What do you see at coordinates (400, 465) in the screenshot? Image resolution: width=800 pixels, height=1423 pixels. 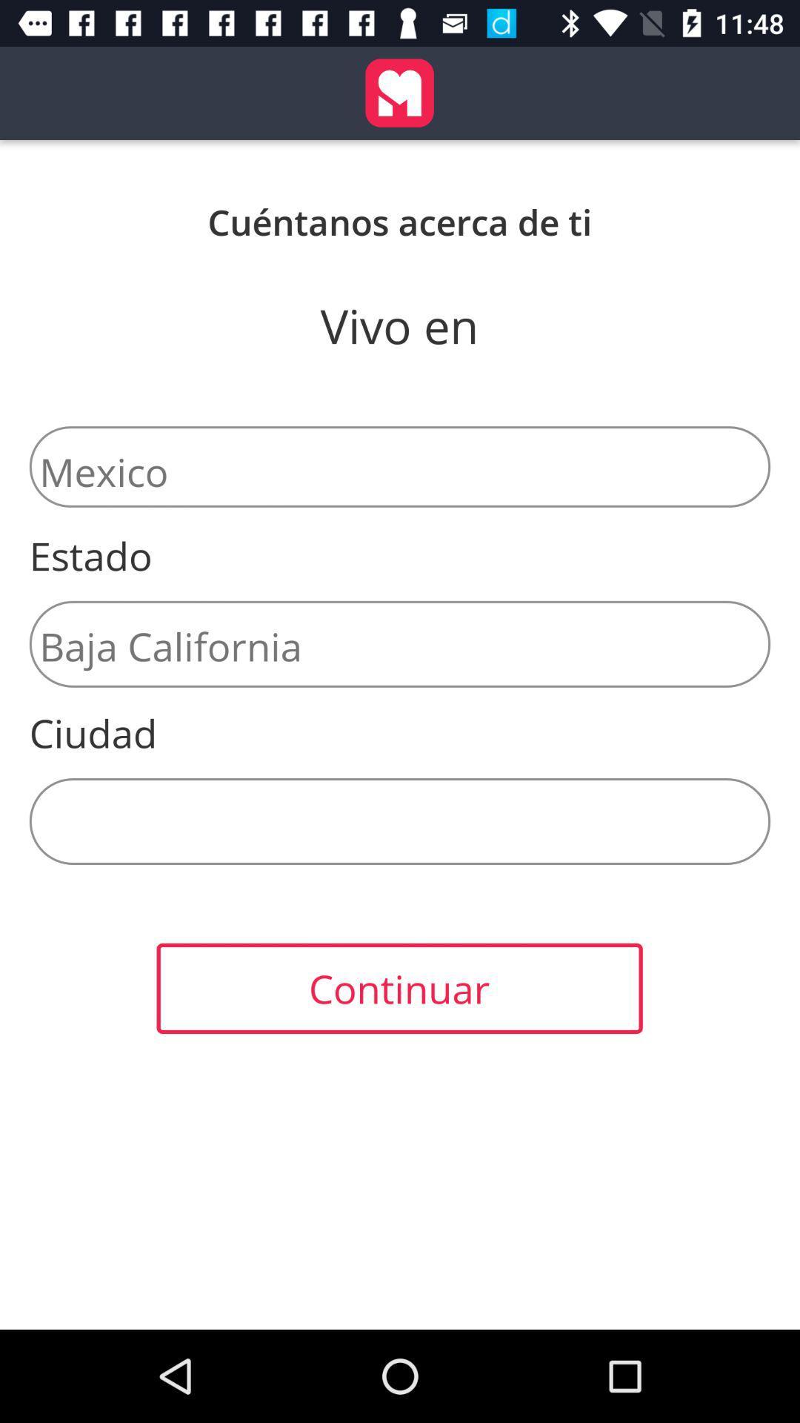 I see `the icon below the vivo en` at bounding box center [400, 465].